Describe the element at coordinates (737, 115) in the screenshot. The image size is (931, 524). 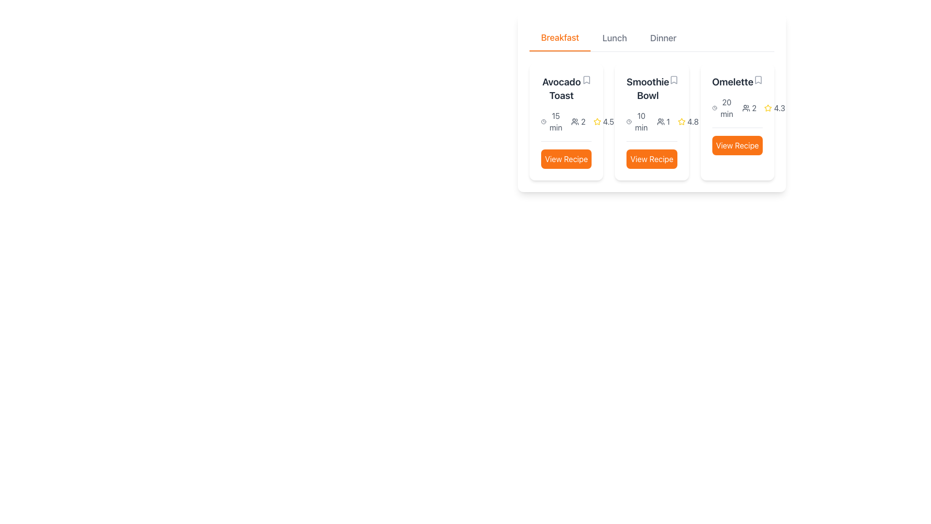
I see `the recipe card titled 'Omelette' in the Breakfast section to read the recipe information presented in text and icons` at that location.